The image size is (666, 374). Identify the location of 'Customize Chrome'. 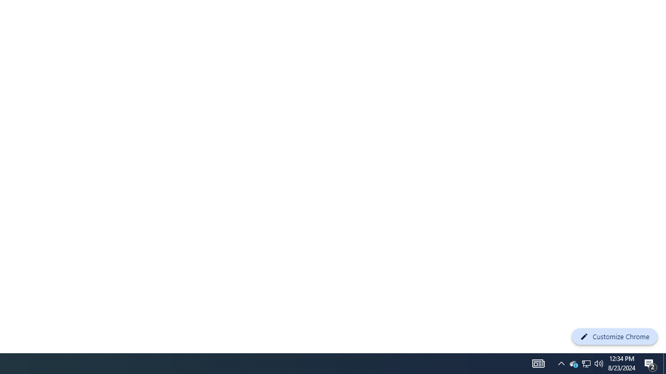
(614, 337).